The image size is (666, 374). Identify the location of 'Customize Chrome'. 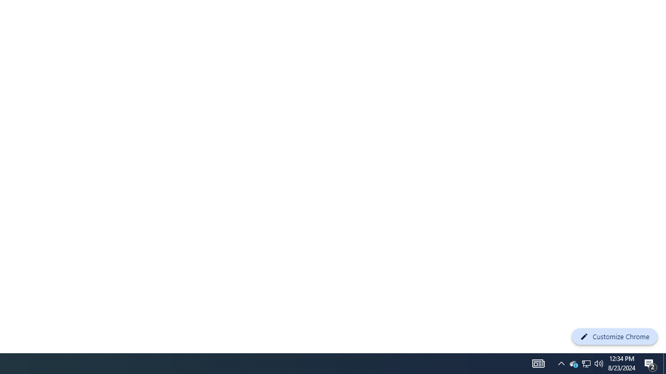
(614, 337).